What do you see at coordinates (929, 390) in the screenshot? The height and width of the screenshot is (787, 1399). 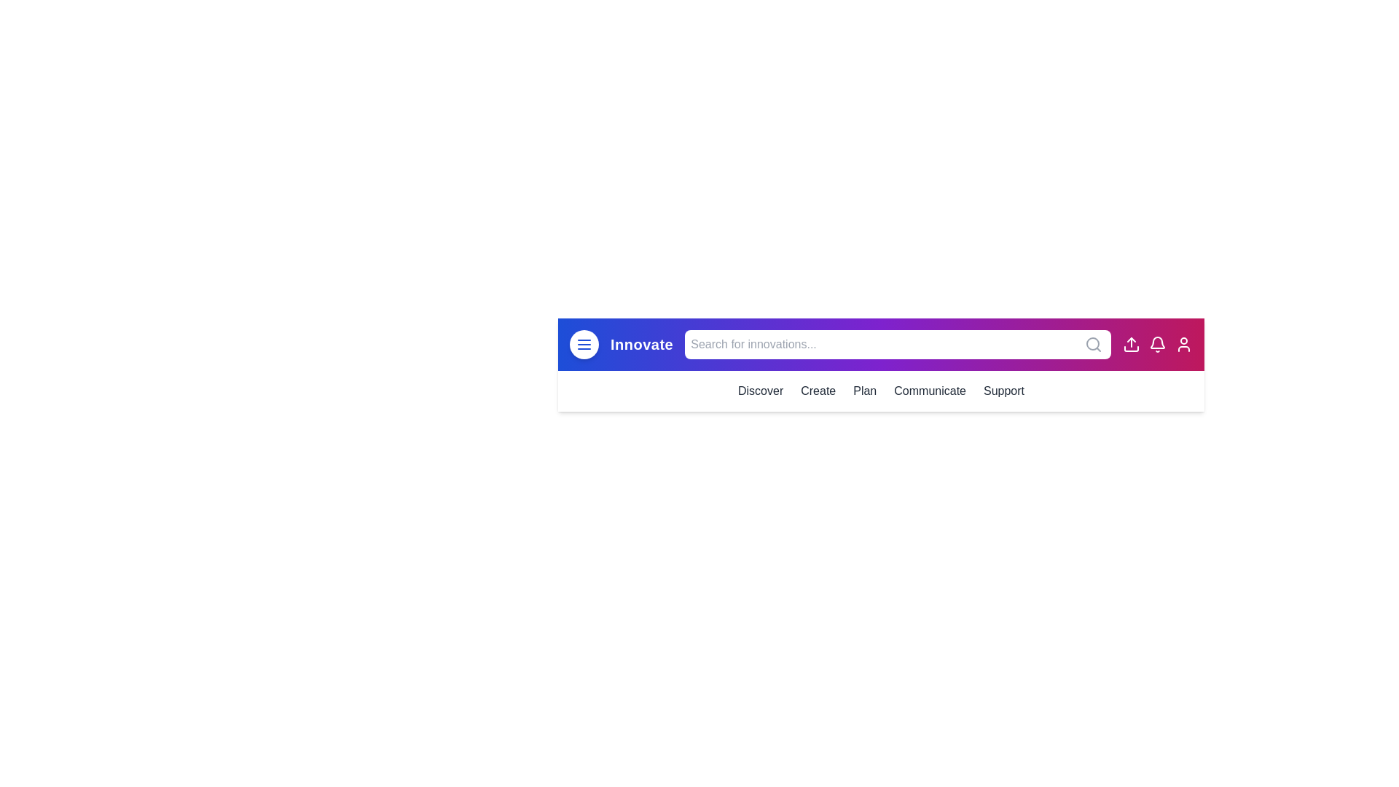 I see `the menu item Communicate` at bounding box center [929, 390].